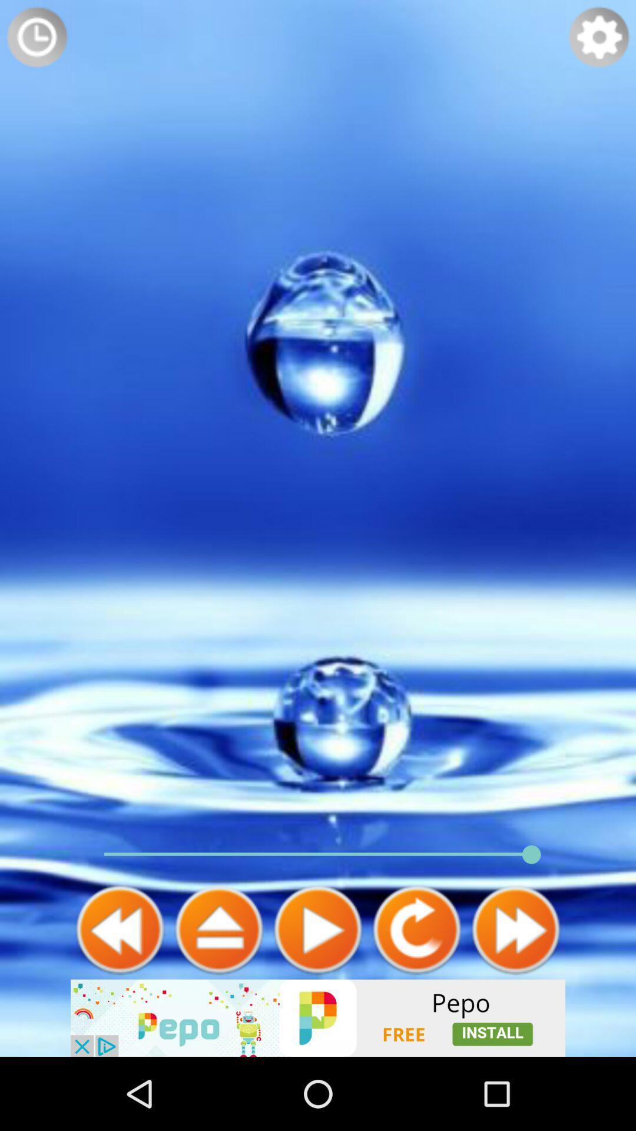  What do you see at coordinates (120, 994) in the screenshot?
I see `the av_rewind icon` at bounding box center [120, 994].